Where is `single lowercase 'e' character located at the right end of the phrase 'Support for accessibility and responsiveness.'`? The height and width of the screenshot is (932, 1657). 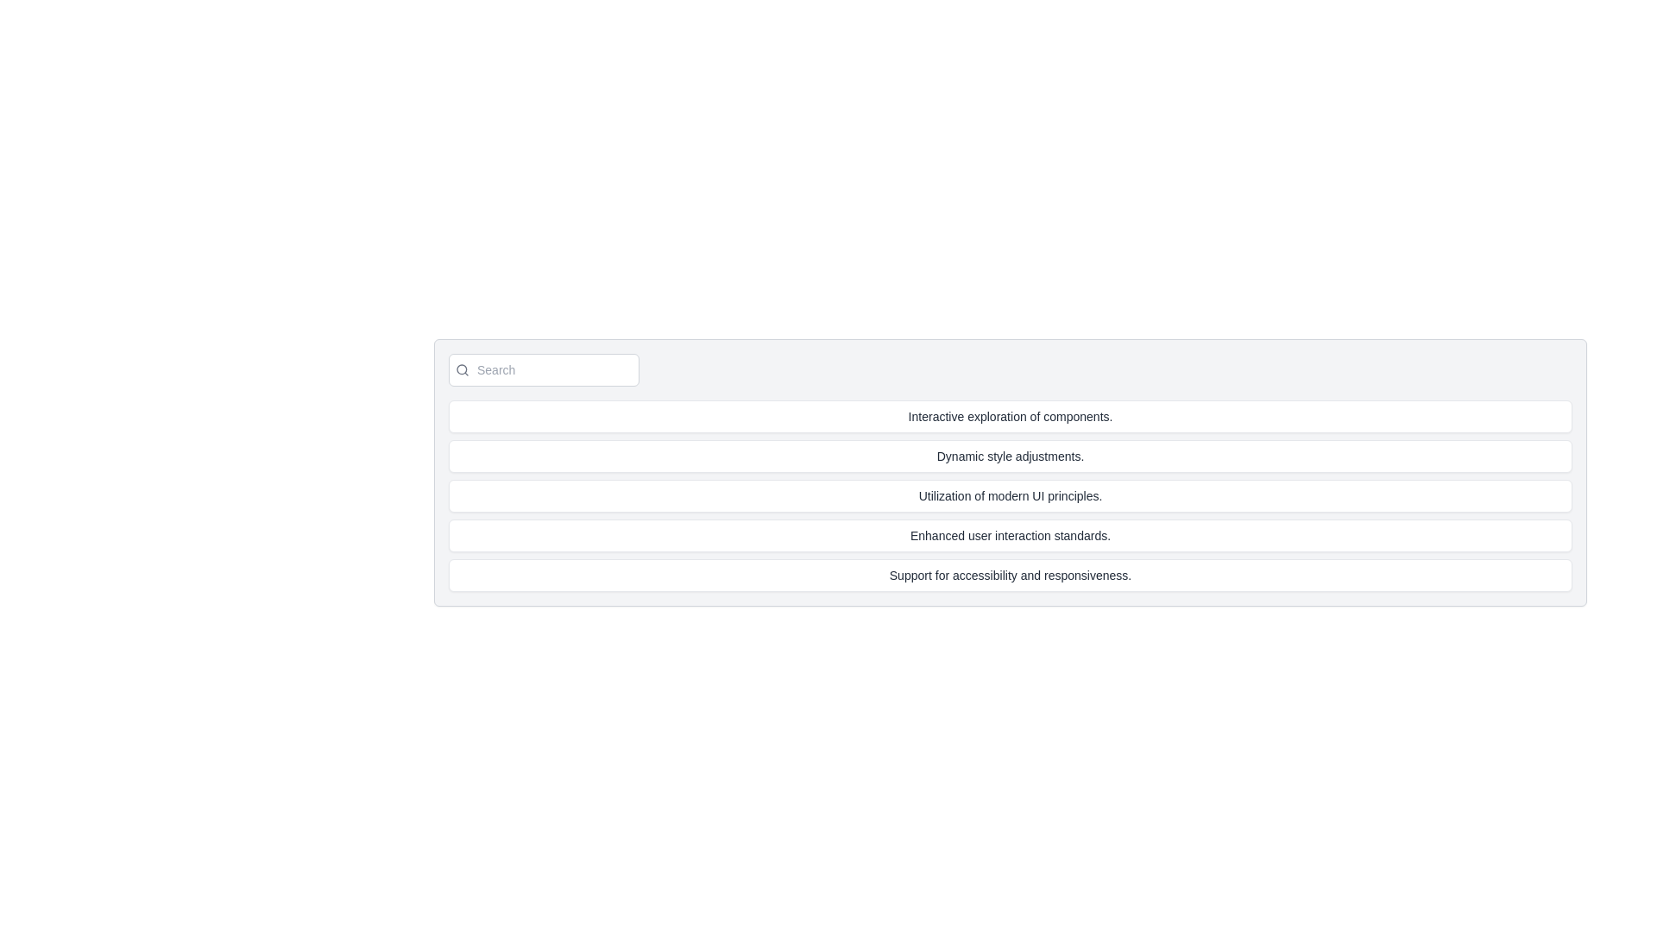 single lowercase 'e' character located at the right end of the phrase 'Support for accessibility and responsiveness.' is located at coordinates (1112, 576).